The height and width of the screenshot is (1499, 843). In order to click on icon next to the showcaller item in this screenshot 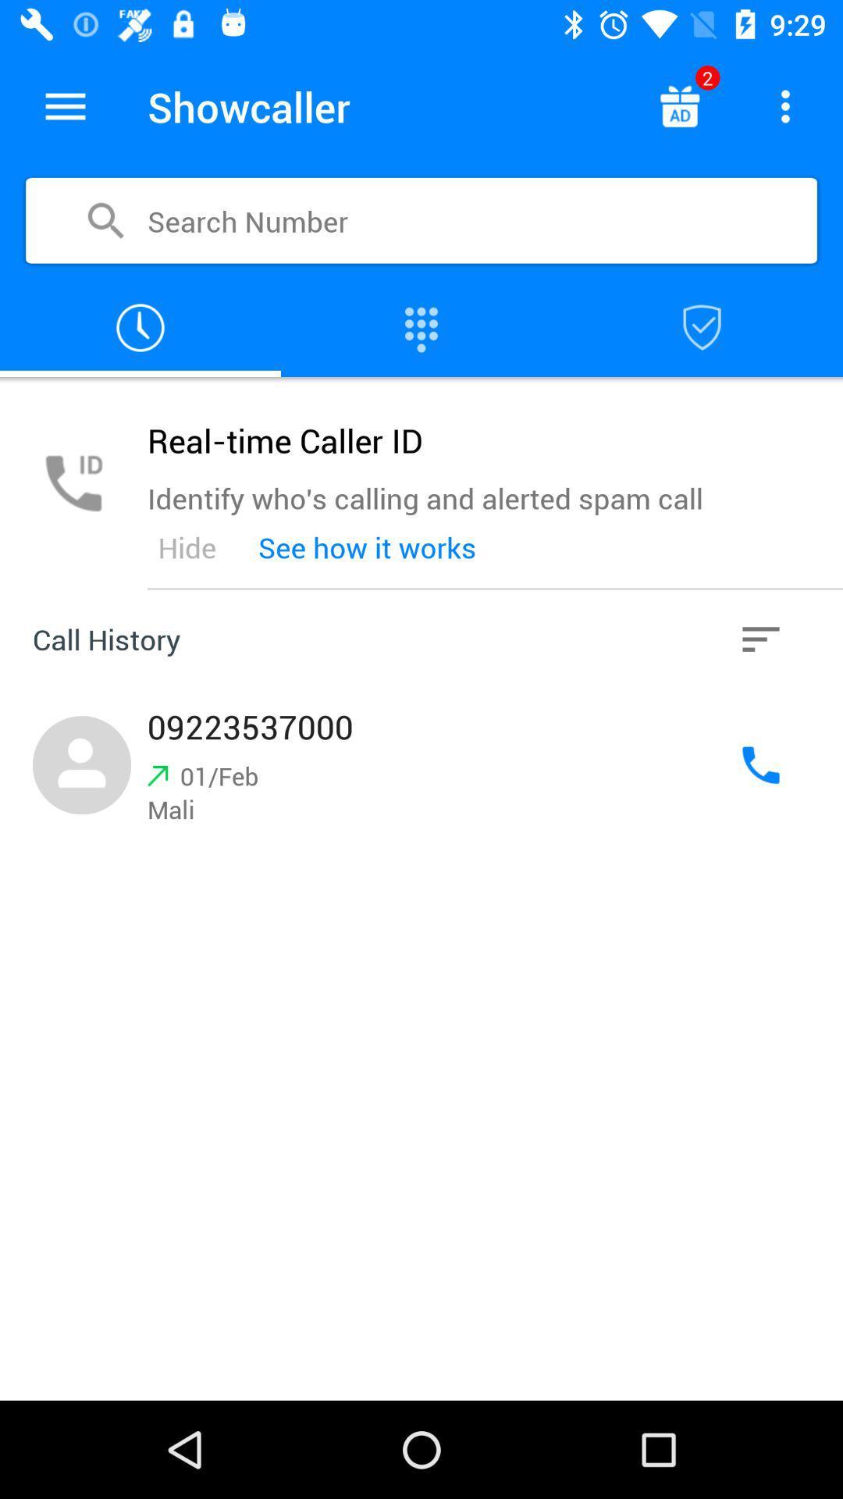, I will do `click(678, 105)`.